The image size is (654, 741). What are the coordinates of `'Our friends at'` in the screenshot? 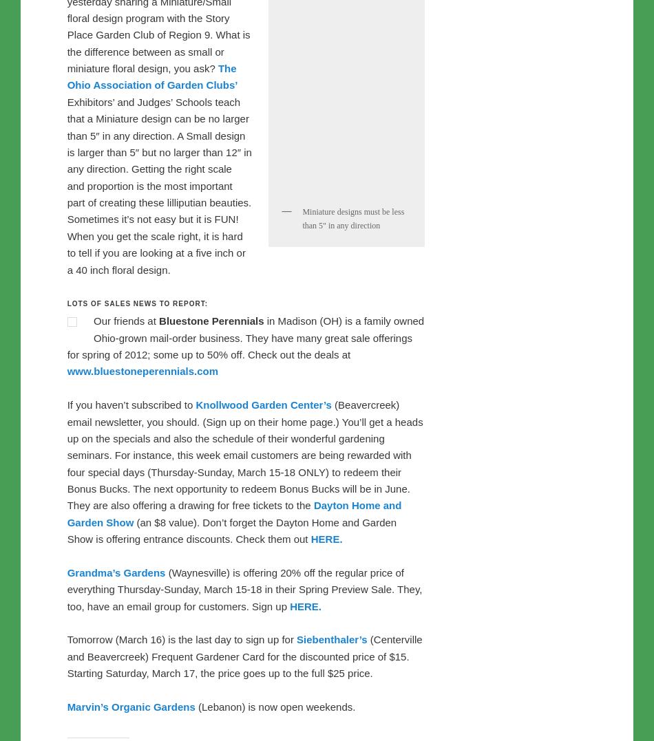 It's located at (241, 321).